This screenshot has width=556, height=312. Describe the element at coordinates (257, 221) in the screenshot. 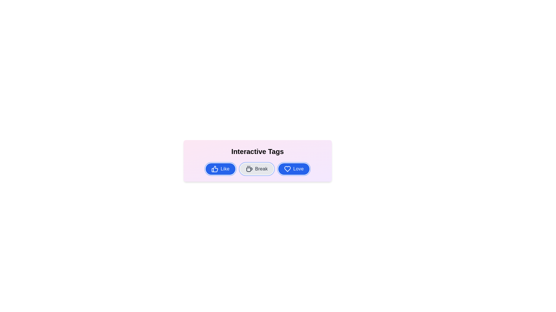

I see `the container area by clicking at its center` at that location.